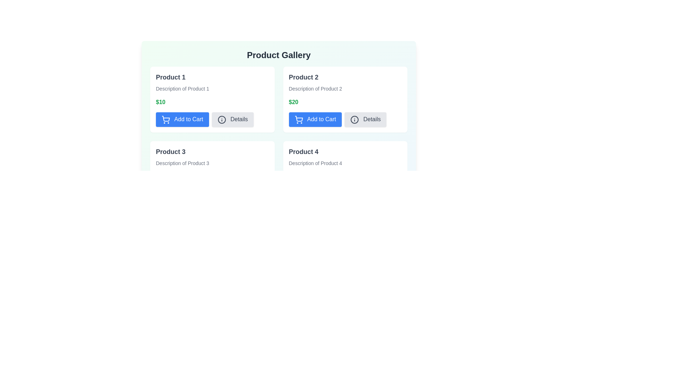 This screenshot has height=385, width=685. Describe the element at coordinates (365, 119) in the screenshot. I see `the 'Details' button, which has a light gray background and is located to the right of the 'Add to Cart' button in the action bar of 'Product 2'` at that location.